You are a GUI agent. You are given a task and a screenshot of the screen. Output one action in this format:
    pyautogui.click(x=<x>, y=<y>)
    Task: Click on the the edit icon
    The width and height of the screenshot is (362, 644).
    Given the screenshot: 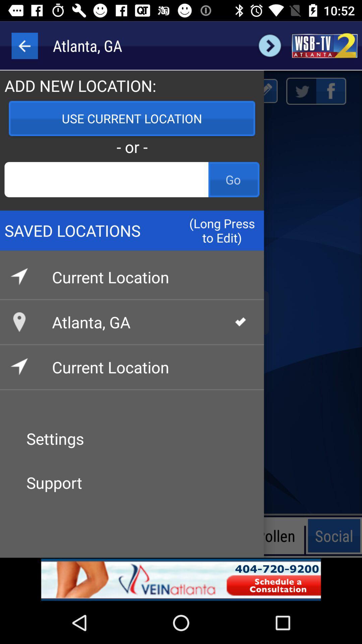 What is the action you would take?
    pyautogui.click(x=264, y=91)
    